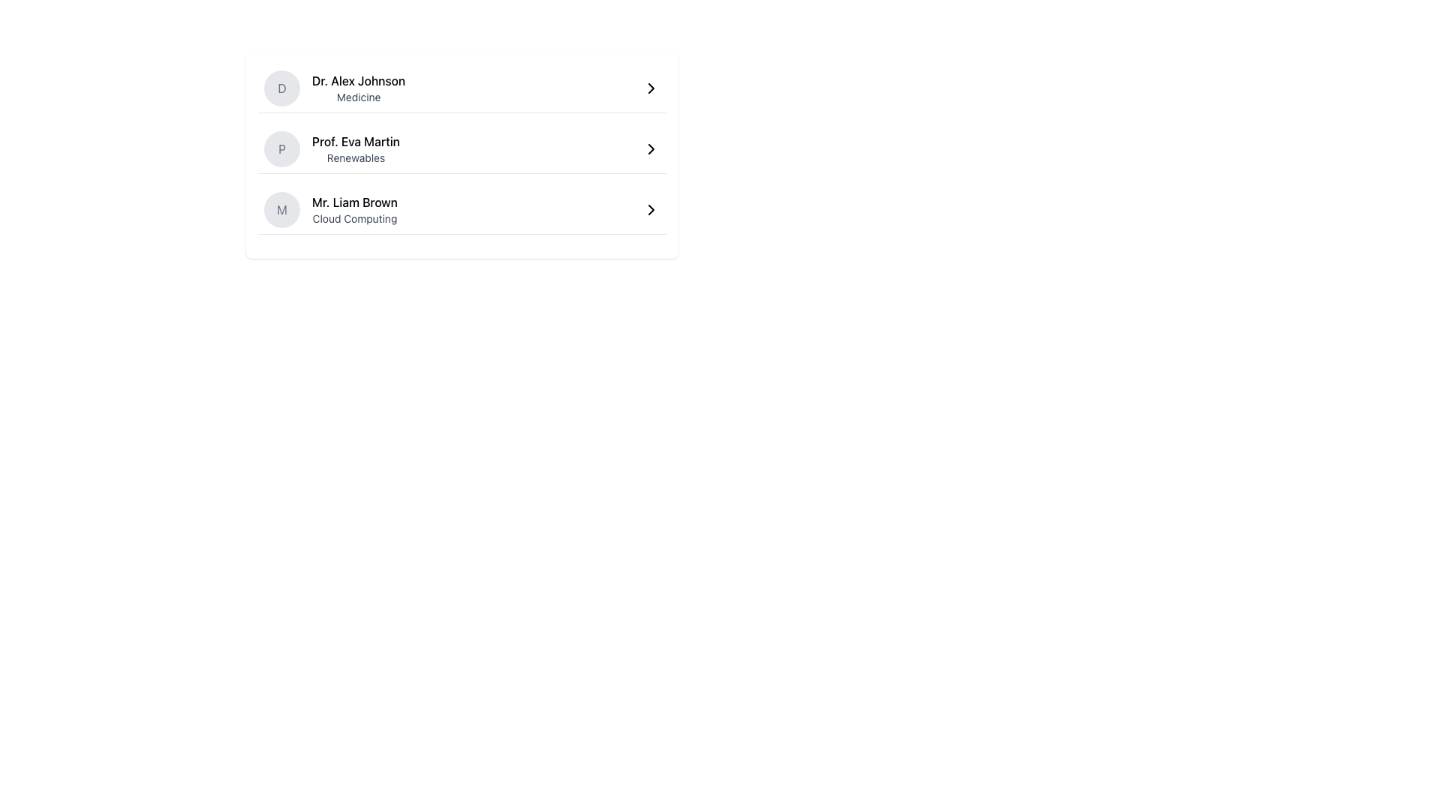  Describe the element at coordinates (281, 149) in the screenshot. I see `the circular gray background containing the initial 'P' representing 'Prof. Eva Martin', which is located in the second row of a vertical list of individuals` at that location.